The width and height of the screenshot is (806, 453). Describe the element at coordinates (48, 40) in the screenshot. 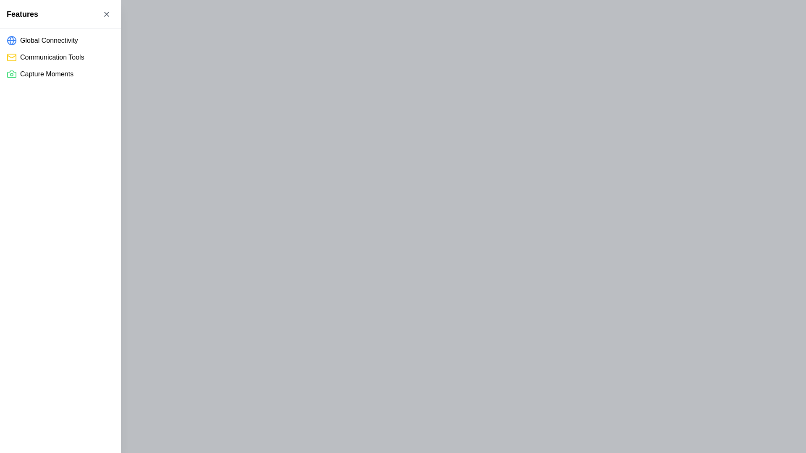

I see `the Static Text labeled 'Global Connectivity', which is the first item in a vertical feature list located on the left side of the interface` at that location.